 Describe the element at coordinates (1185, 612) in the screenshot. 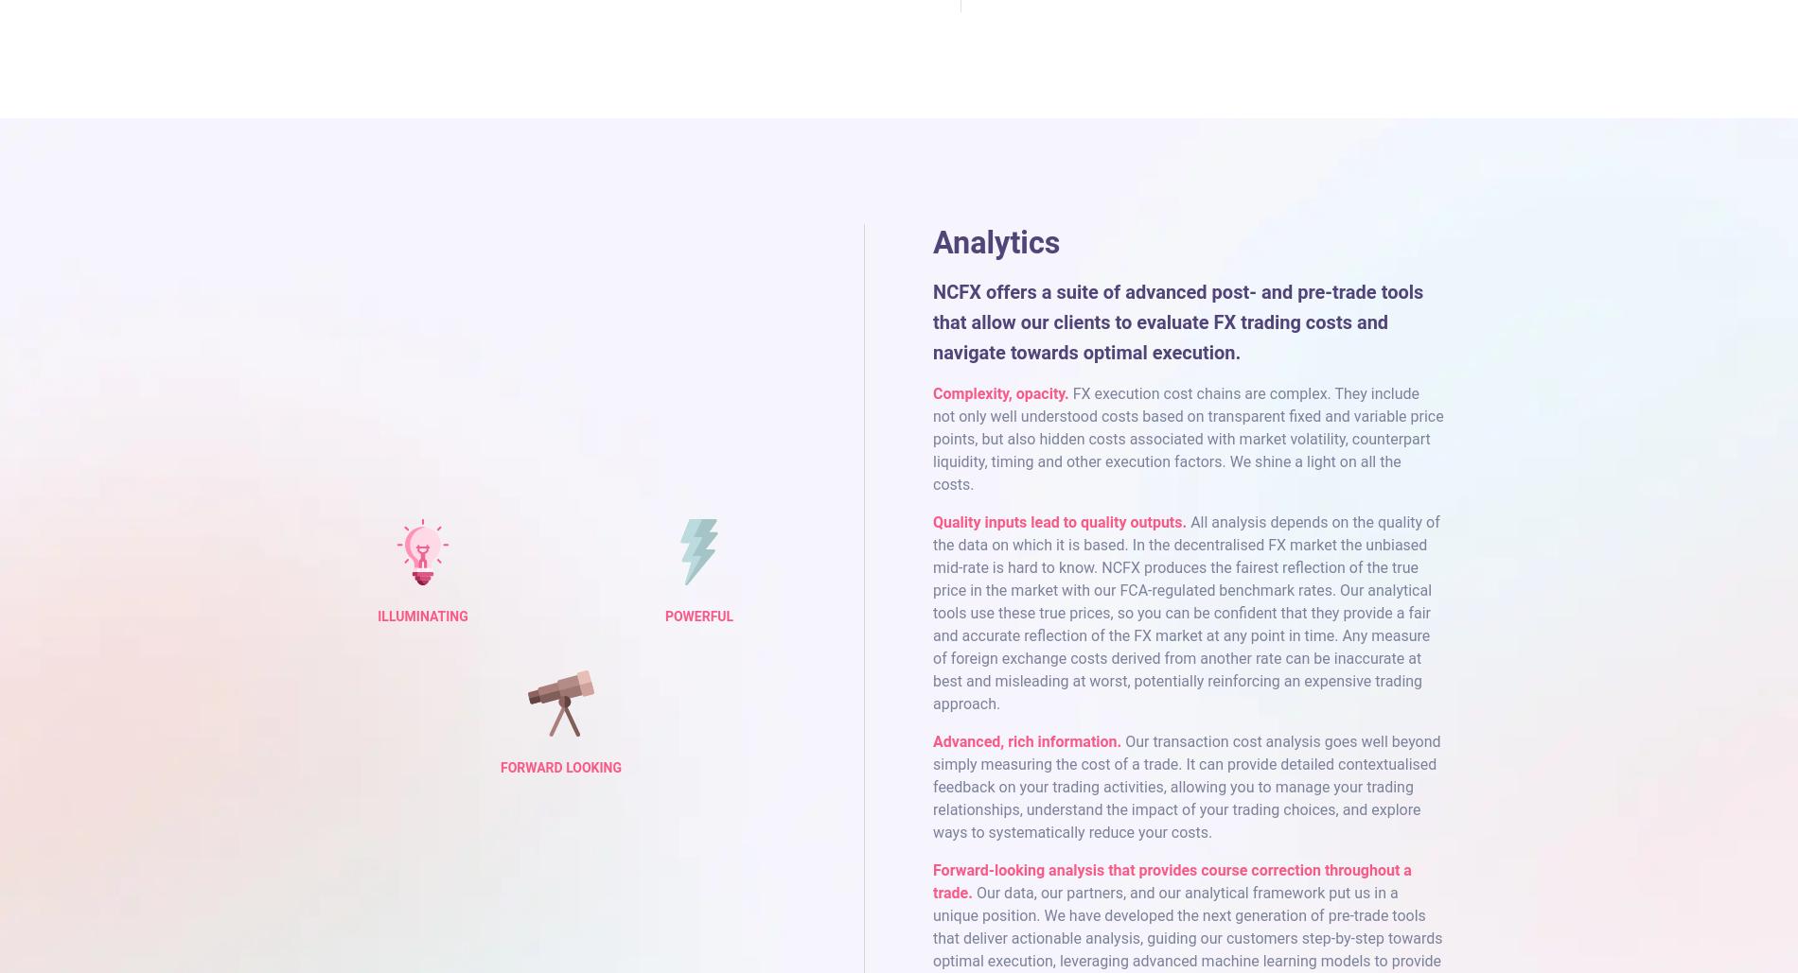

I see `'All analysis depends on the quality of the data on which it is based. In the decentralised FX market the unbiased mid-rate is hard to know. NCFX produces the fairest reflection of the true price in the market with our FCA-regulated benchmark rates. Our analytical tools use these true prices, so you can be confident that they provide a fair and accurate reflection of the FX market at any point in time. Any measure of foreign exchange costs derived from another rate can be inaccurate at best and misleading at worst, potentially reinforcing an expensive trading approach.'` at that location.